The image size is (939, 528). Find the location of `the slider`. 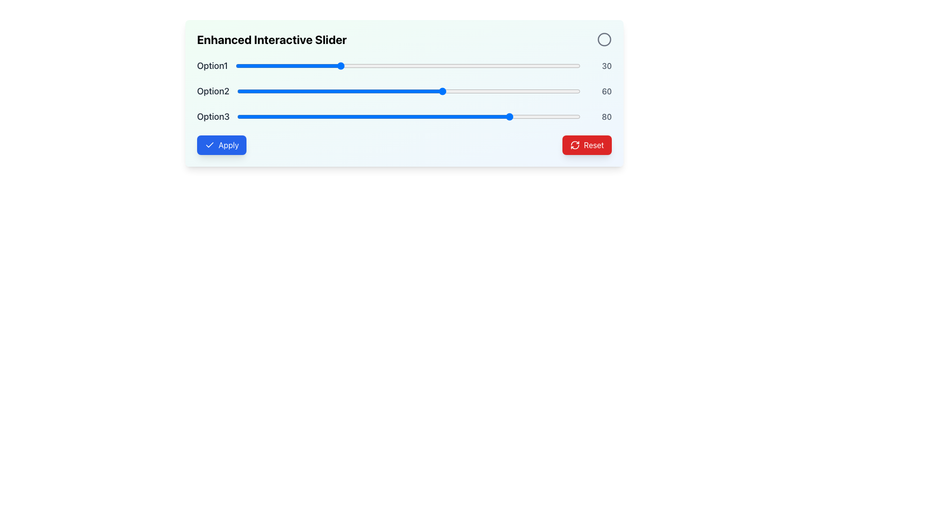

the slider is located at coordinates (381, 116).